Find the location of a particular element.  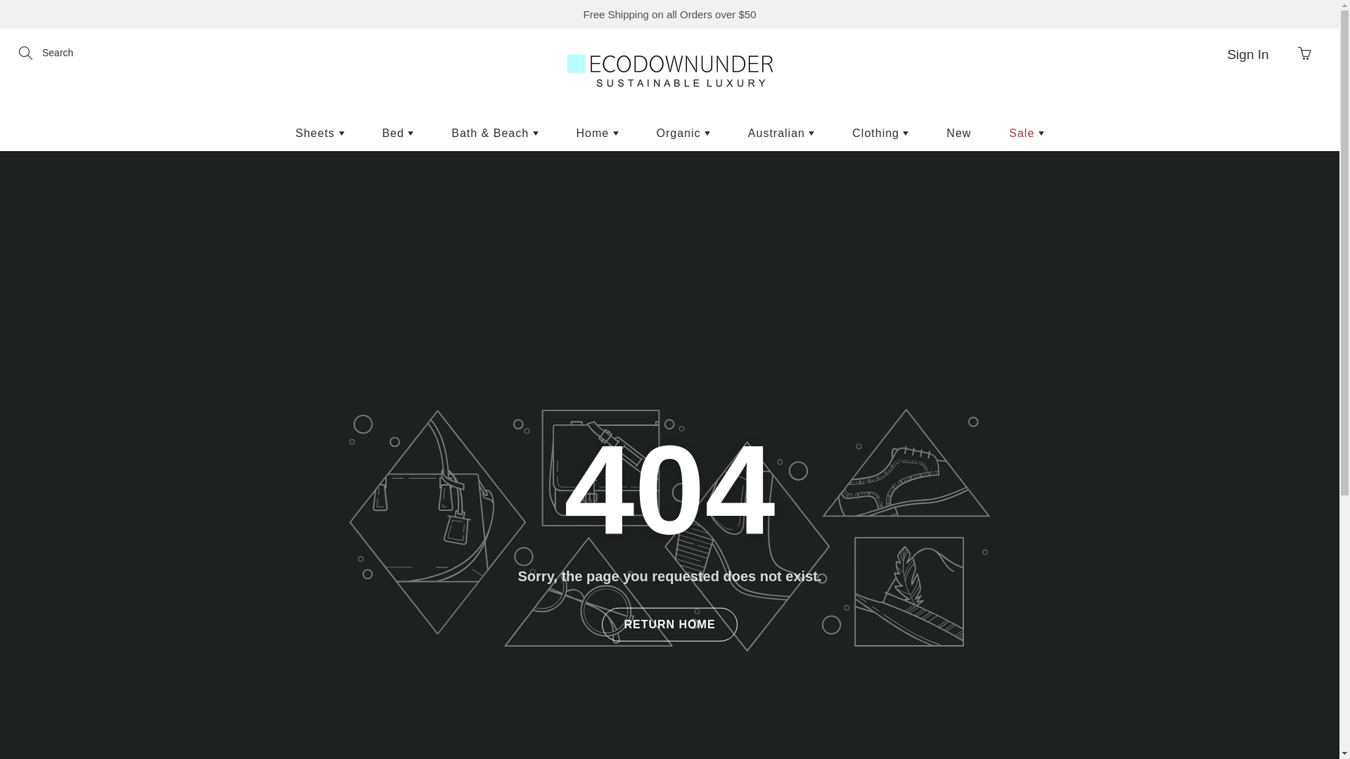

'Bed' is located at coordinates (397, 133).